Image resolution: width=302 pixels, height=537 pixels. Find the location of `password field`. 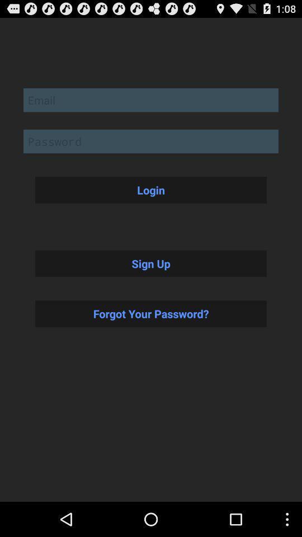

password field is located at coordinates (151, 140).